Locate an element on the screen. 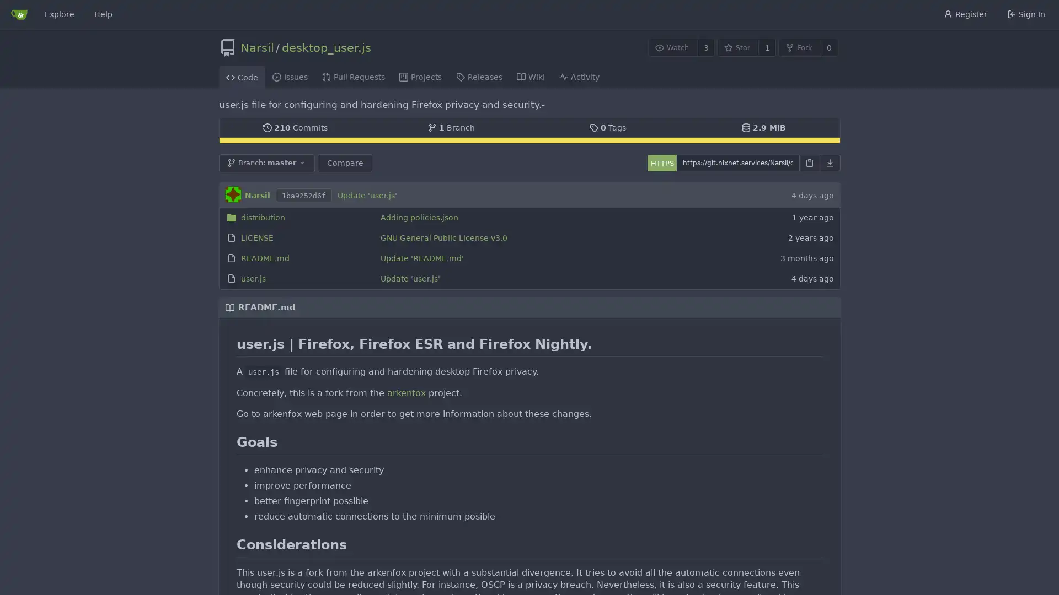 The height and width of the screenshot is (595, 1059). Compare is located at coordinates (344, 163).